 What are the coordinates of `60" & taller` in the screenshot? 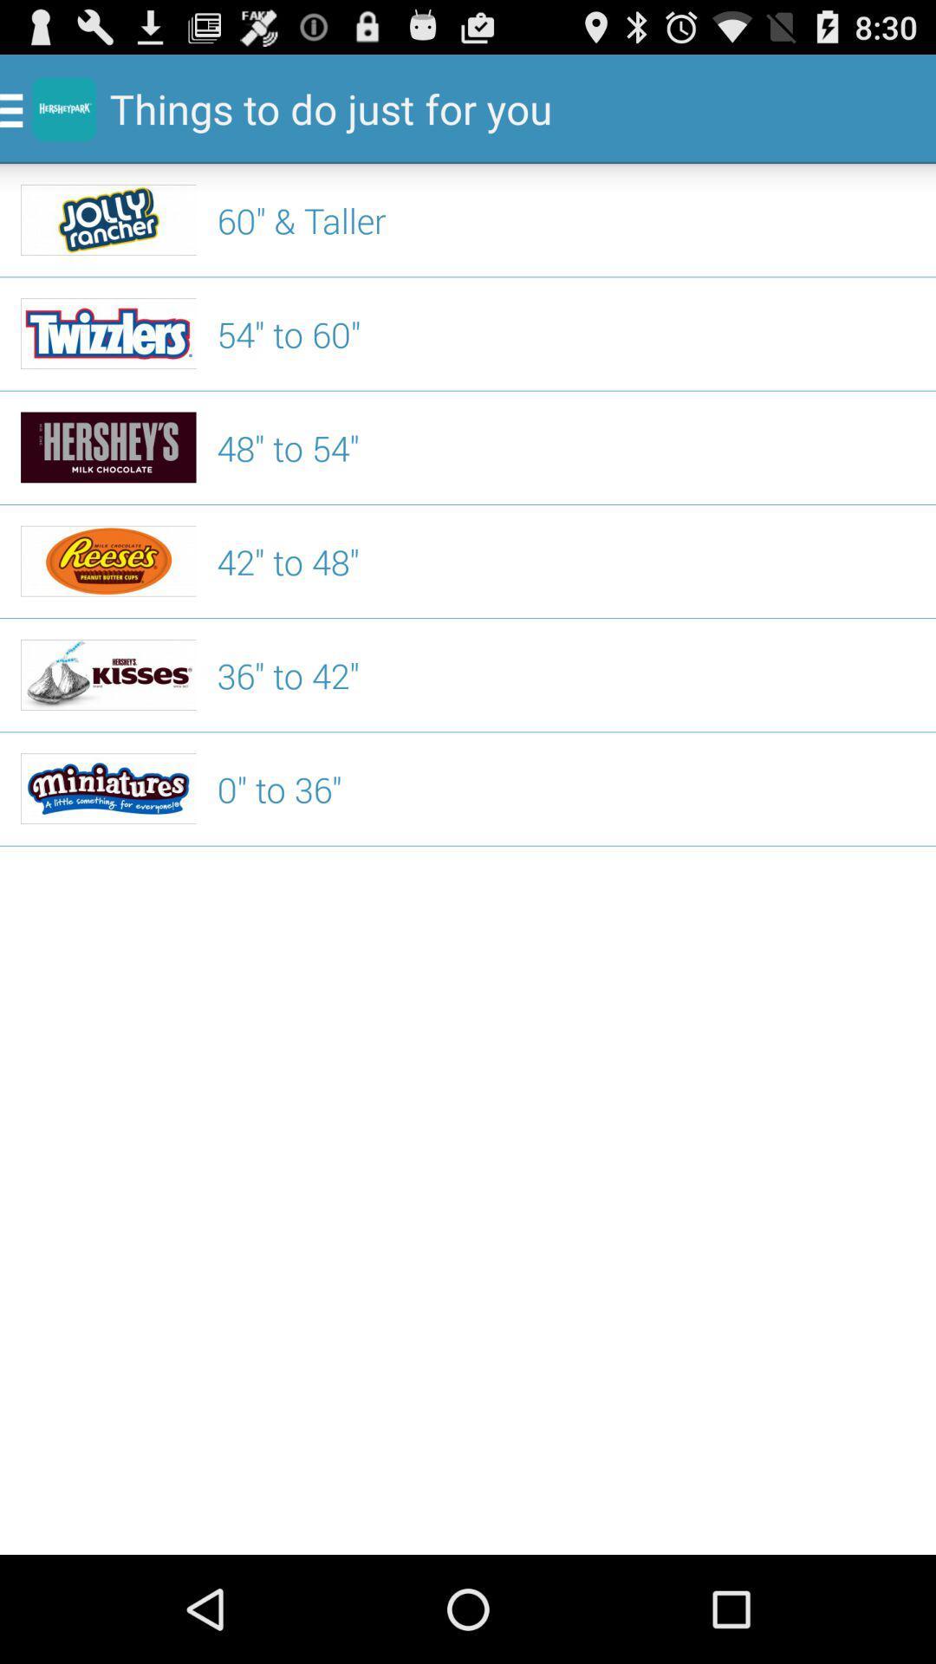 It's located at (566, 219).